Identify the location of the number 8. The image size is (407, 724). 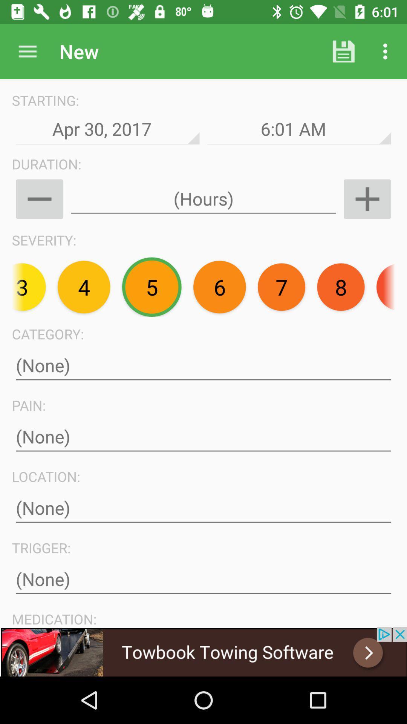
(341, 287).